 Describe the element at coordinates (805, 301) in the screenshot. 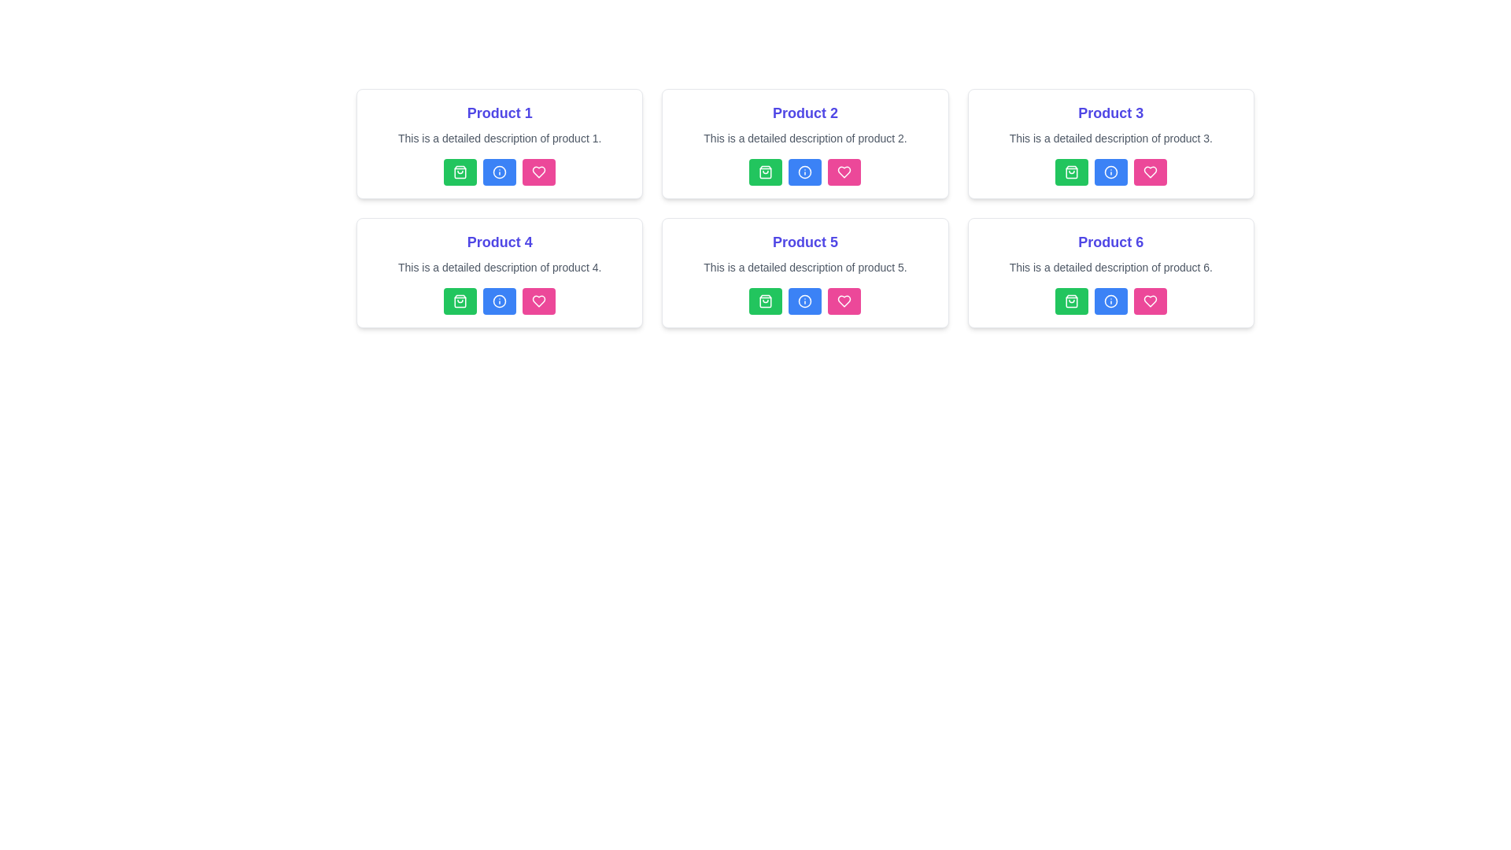

I see `the circular blue button with a white border and 'i' icon located at the bottom of the card for 'Product 5'` at that location.